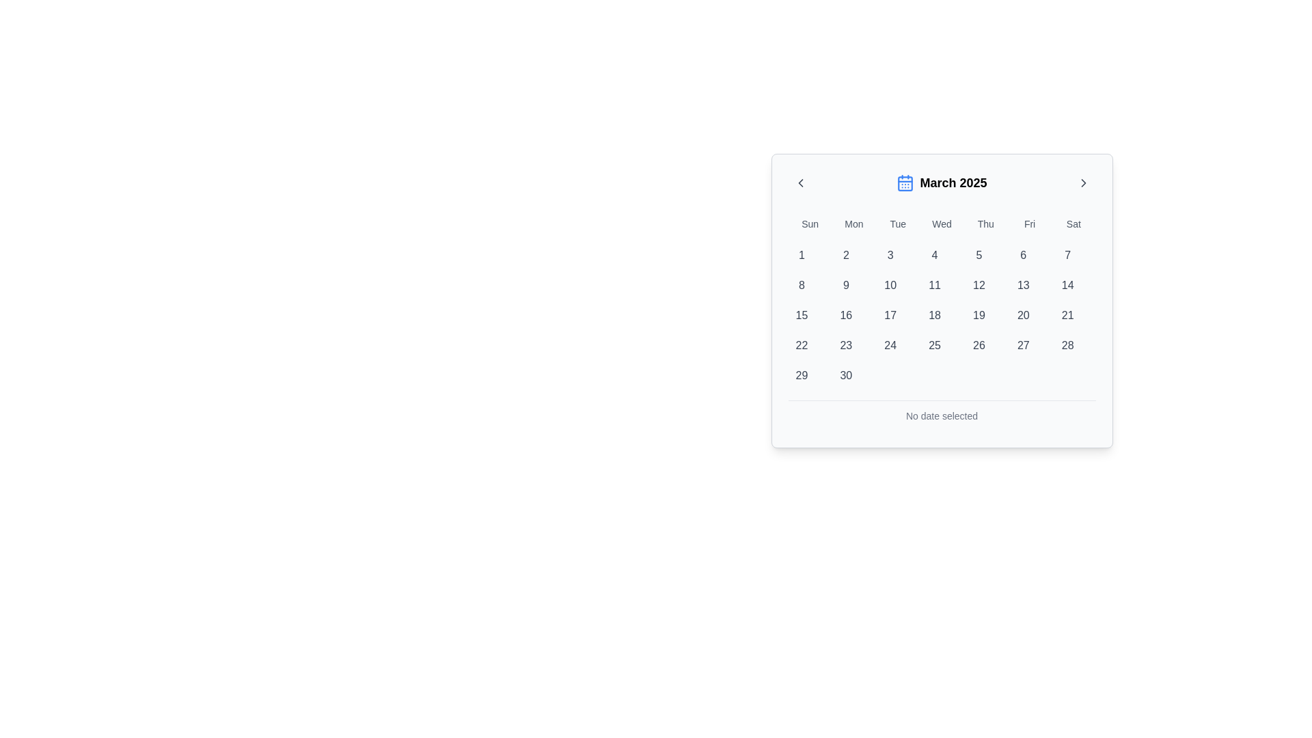 The width and height of the screenshot is (1312, 738). What do you see at coordinates (1023, 344) in the screenshot?
I see `the circular button labeled '27' in the calendar grid` at bounding box center [1023, 344].